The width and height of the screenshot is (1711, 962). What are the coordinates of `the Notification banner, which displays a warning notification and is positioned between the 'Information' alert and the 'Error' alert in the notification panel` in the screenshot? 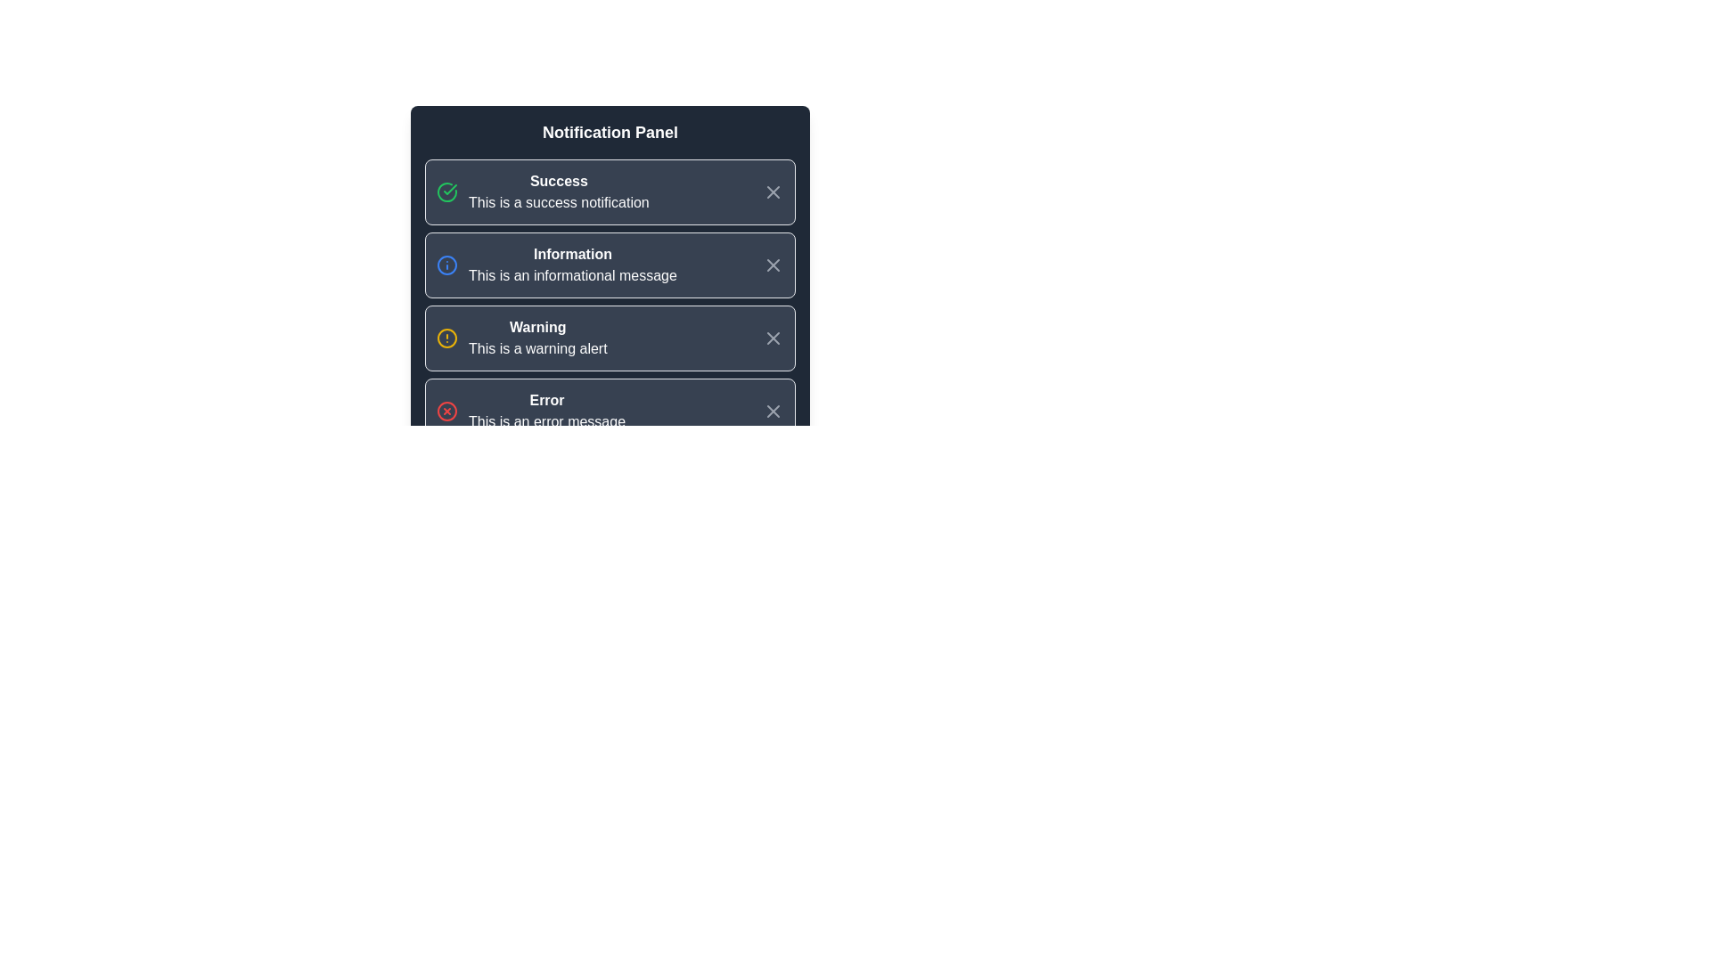 It's located at (520, 338).